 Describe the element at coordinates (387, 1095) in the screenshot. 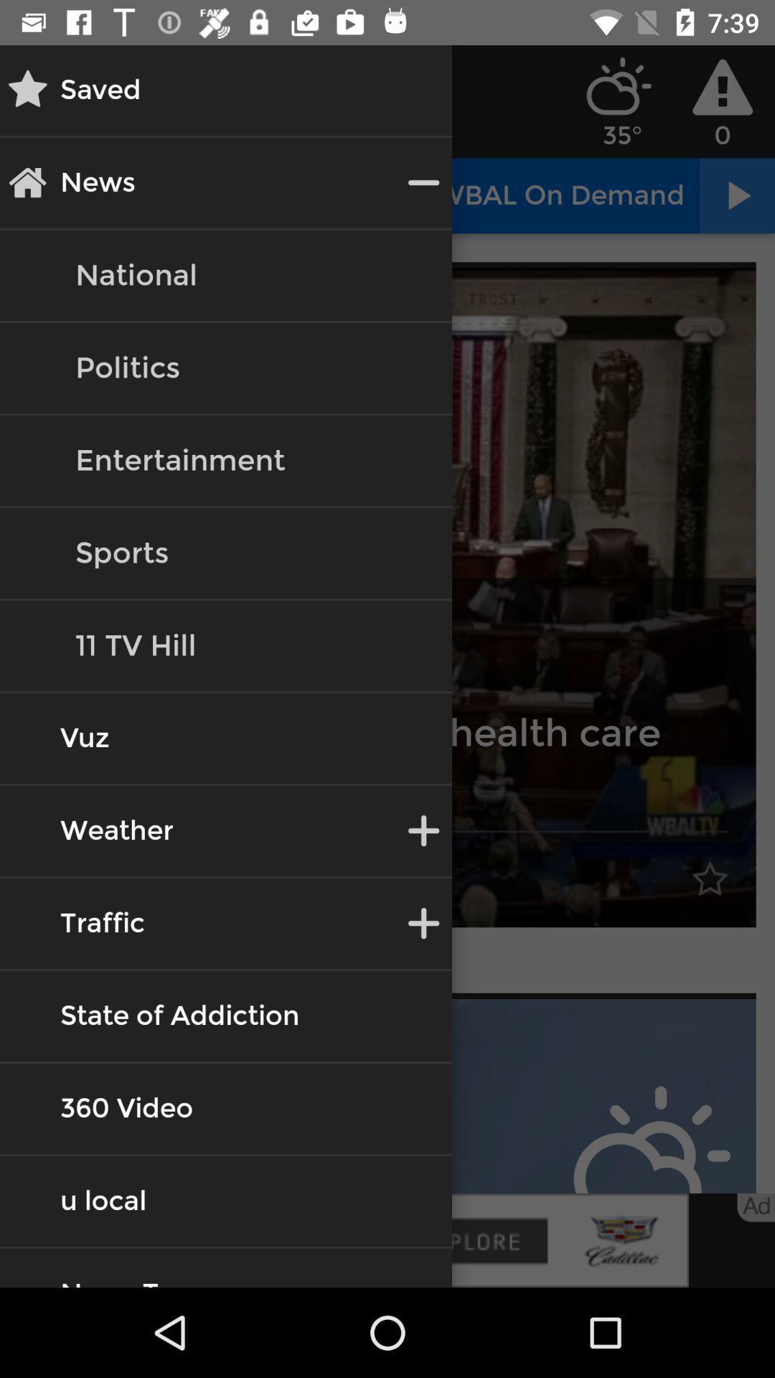

I see `improper tagging` at that location.